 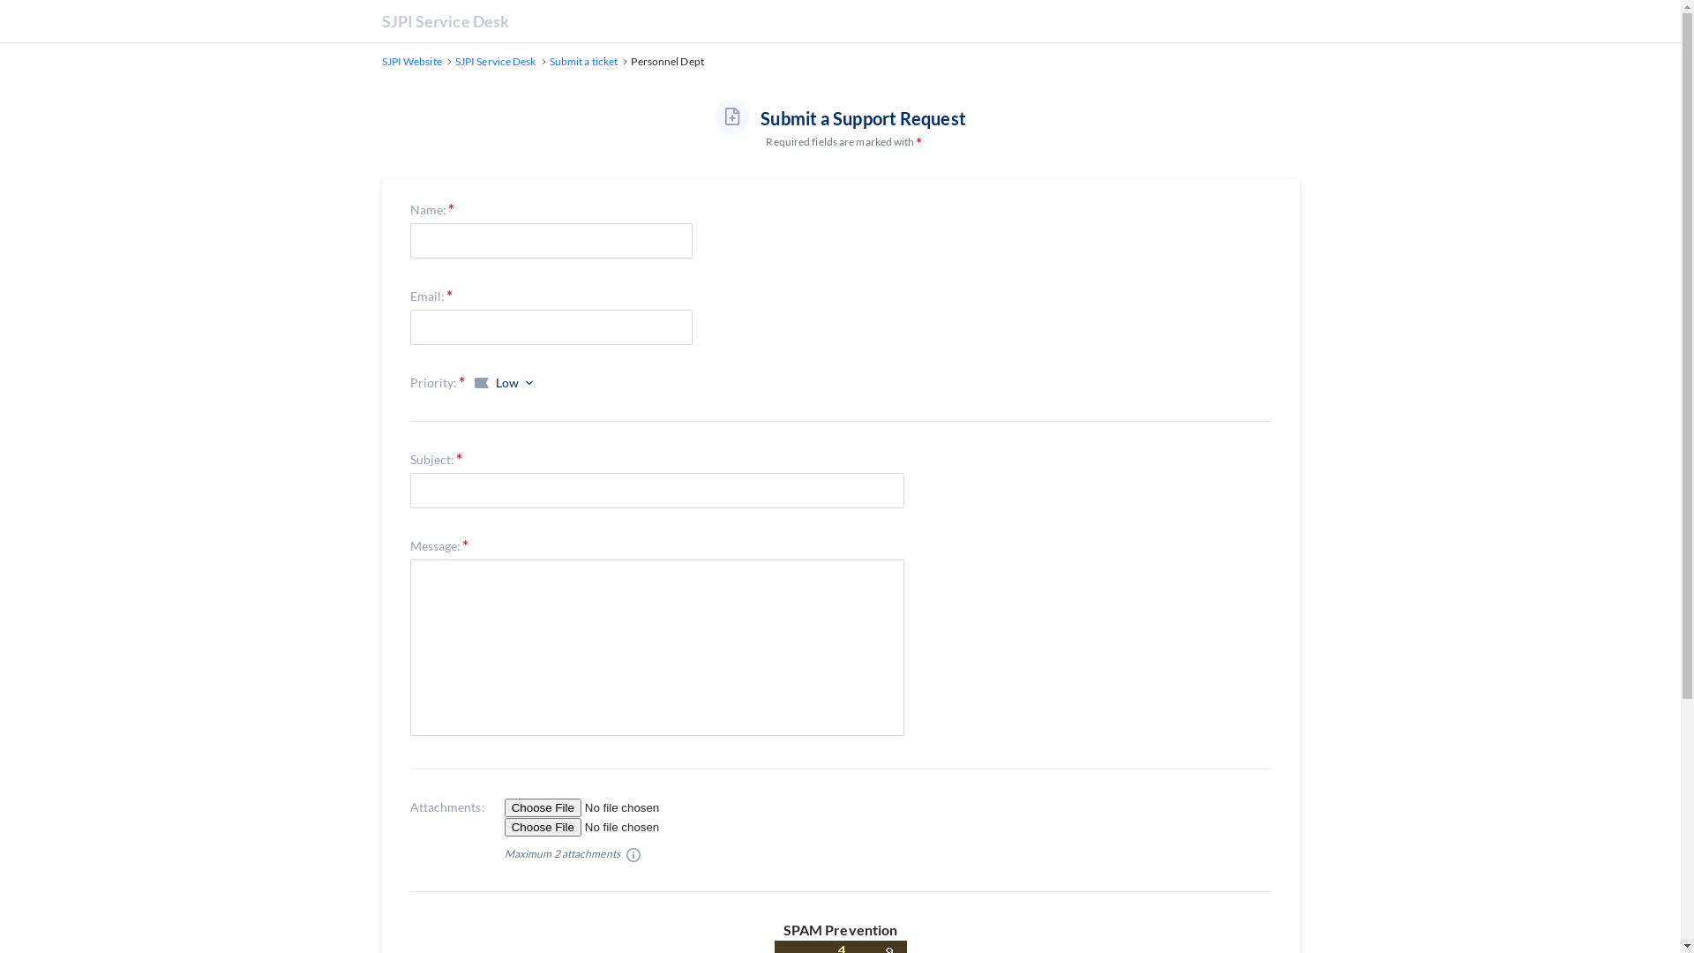 What do you see at coordinates (494, 60) in the screenshot?
I see `'SJPI Service Desk'` at bounding box center [494, 60].